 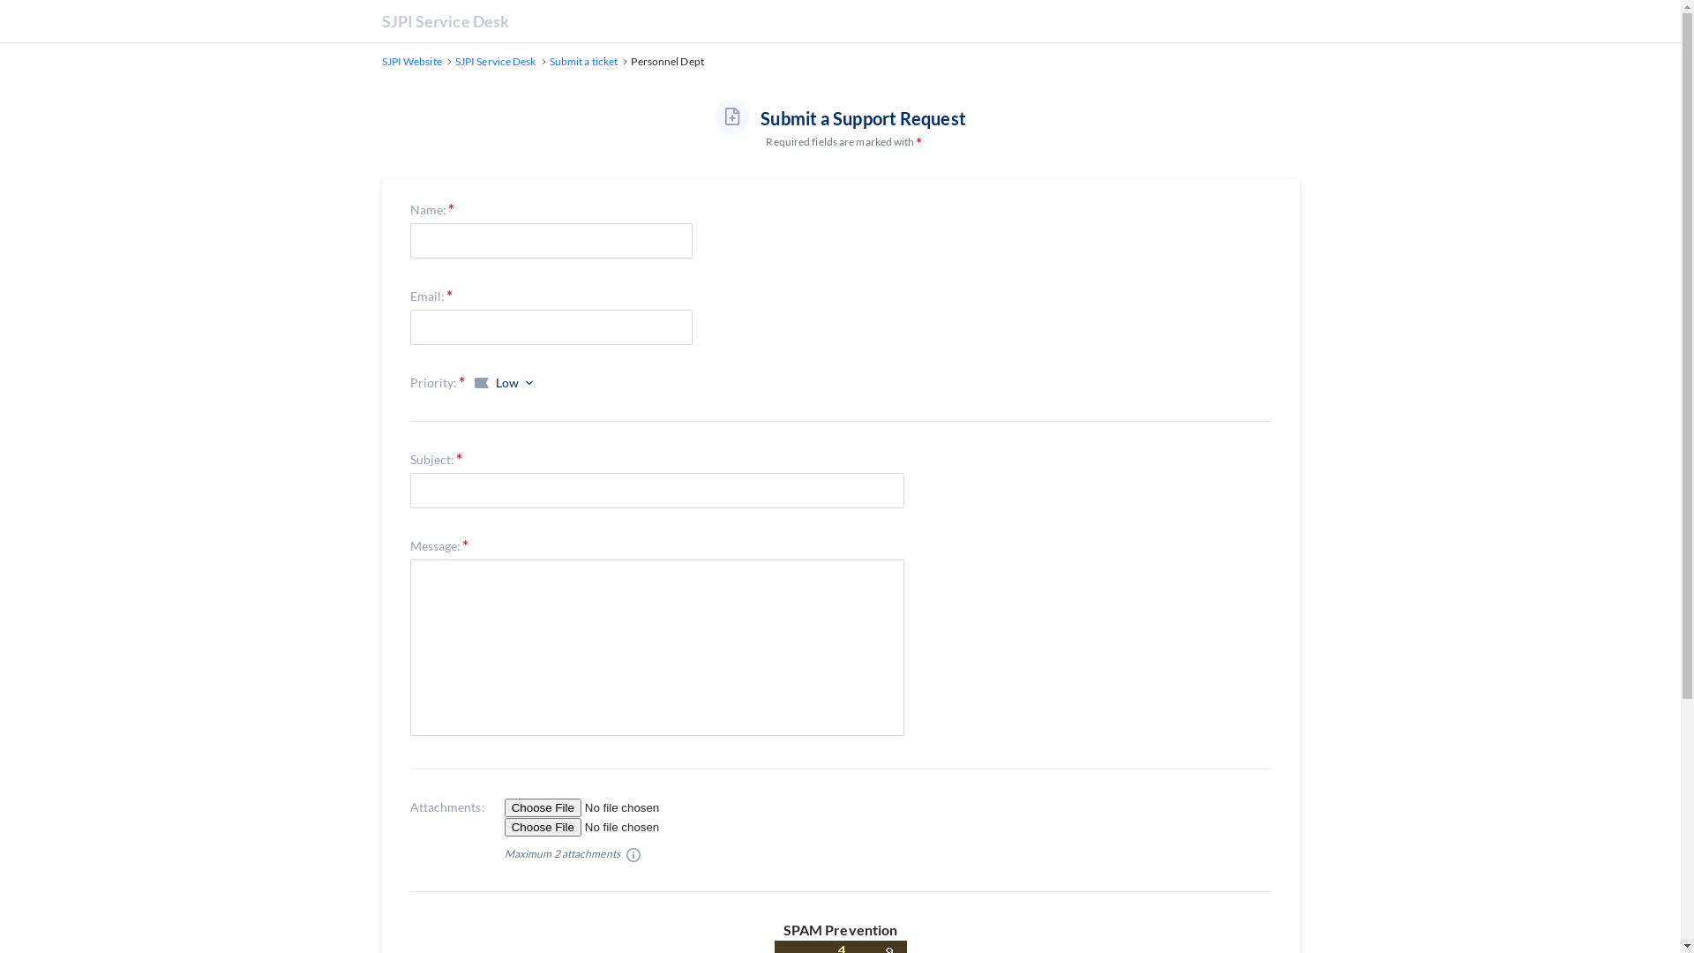 What do you see at coordinates (494, 60) in the screenshot?
I see `'SJPI Service Desk'` at bounding box center [494, 60].